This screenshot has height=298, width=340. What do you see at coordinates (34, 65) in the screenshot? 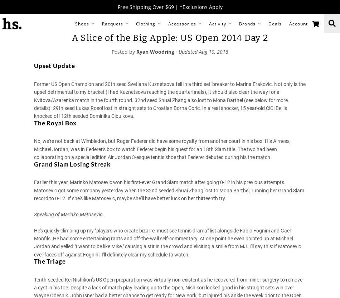
I see `'Upset Update'` at bounding box center [34, 65].